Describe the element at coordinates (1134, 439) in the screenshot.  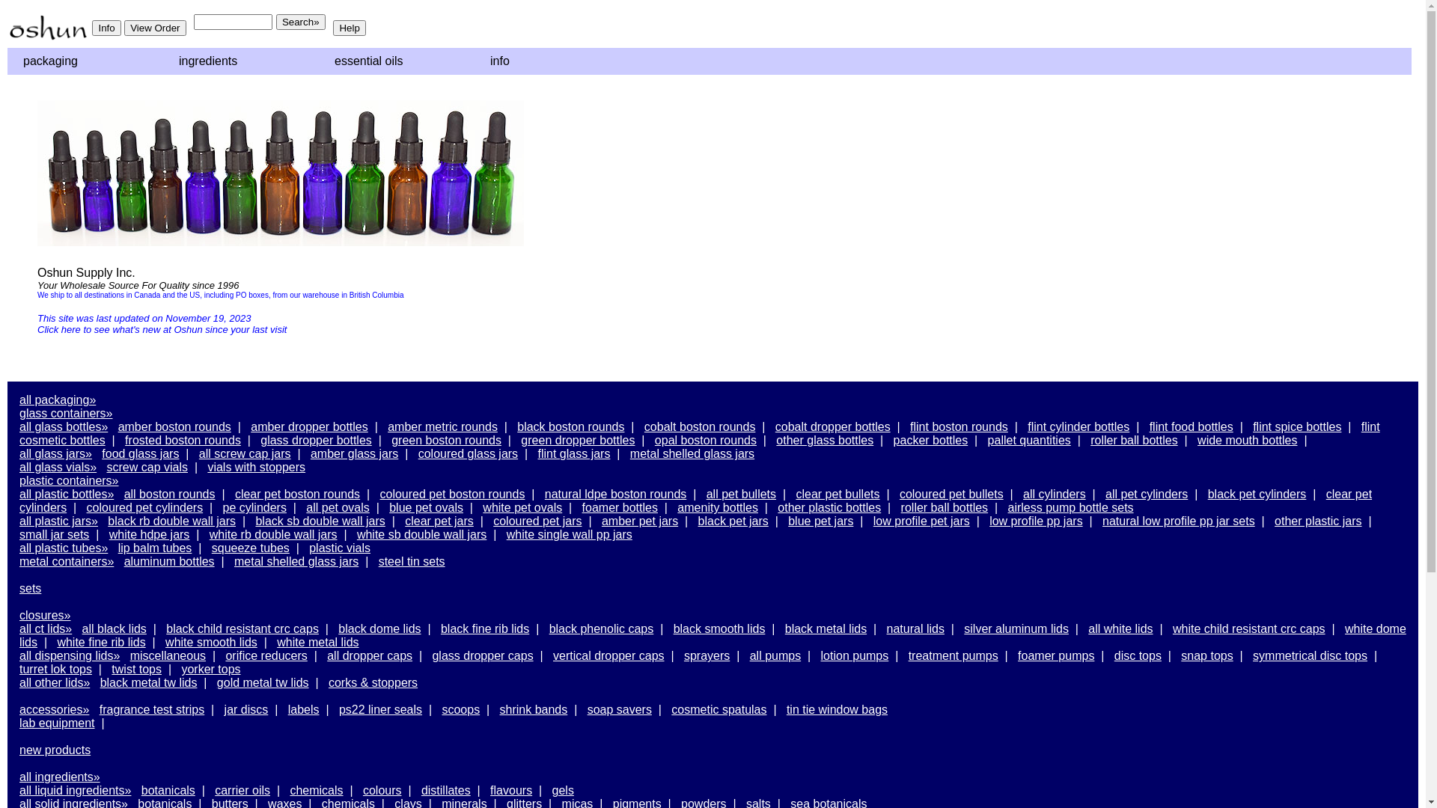
I see `'roller ball bottles'` at that location.